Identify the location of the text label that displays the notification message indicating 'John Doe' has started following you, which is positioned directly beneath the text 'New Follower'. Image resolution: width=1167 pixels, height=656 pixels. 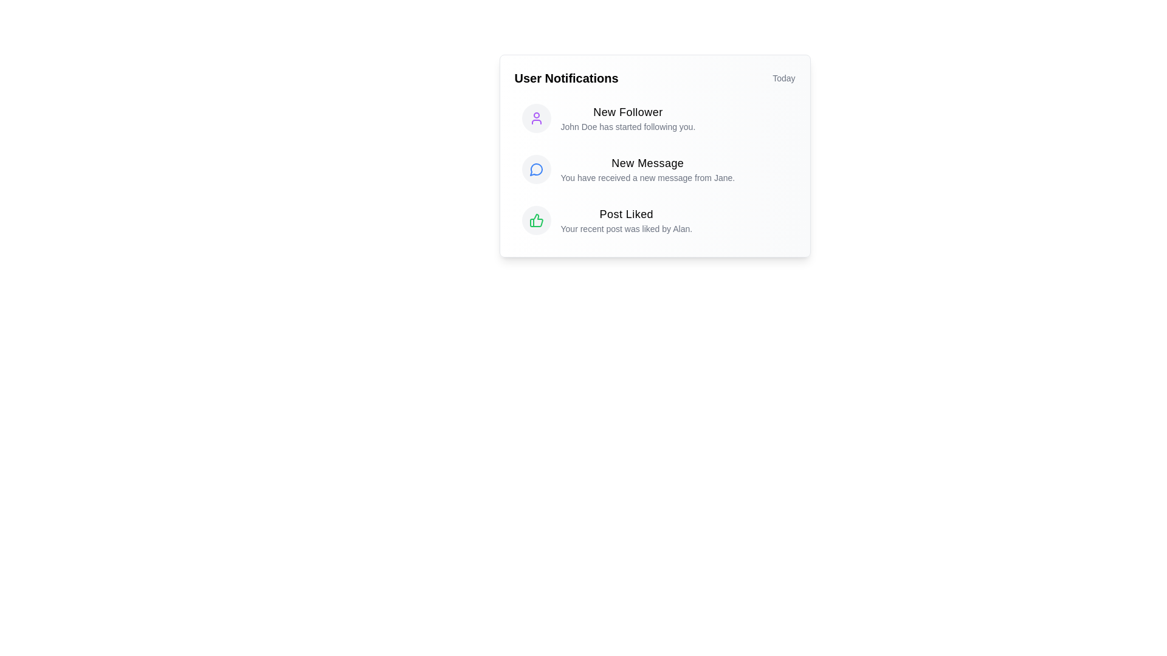
(628, 126).